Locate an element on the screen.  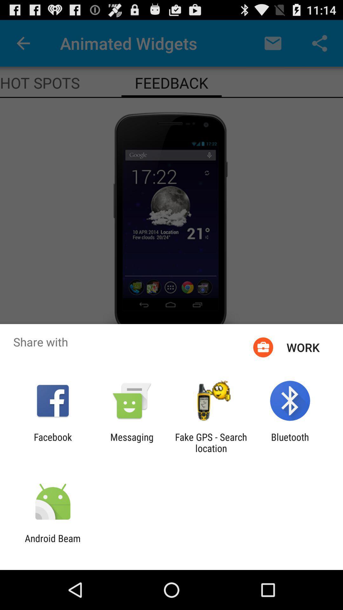
the item to the left of messaging icon is located at coordinates (52, 442).